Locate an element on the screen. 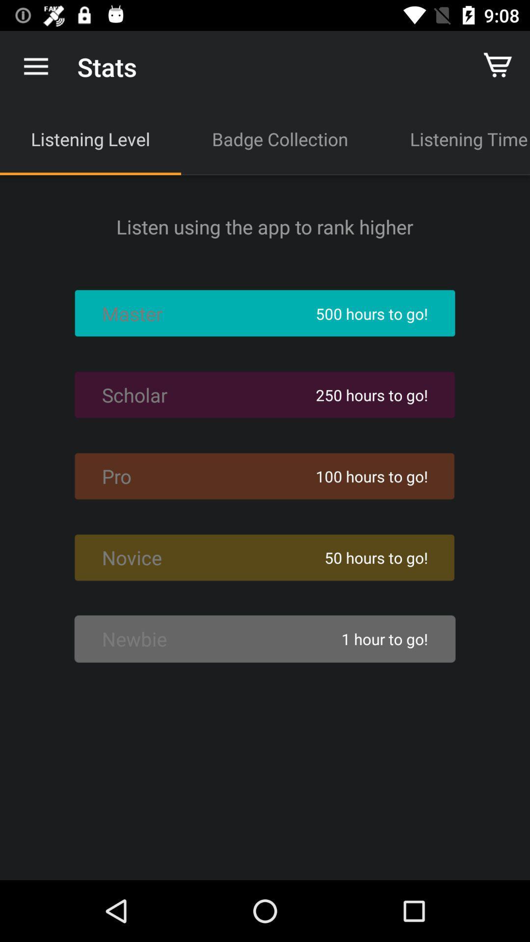 The height and width of the screenshot is (942, 530). the app next to the badge collection is located at coordinates (454, 138).